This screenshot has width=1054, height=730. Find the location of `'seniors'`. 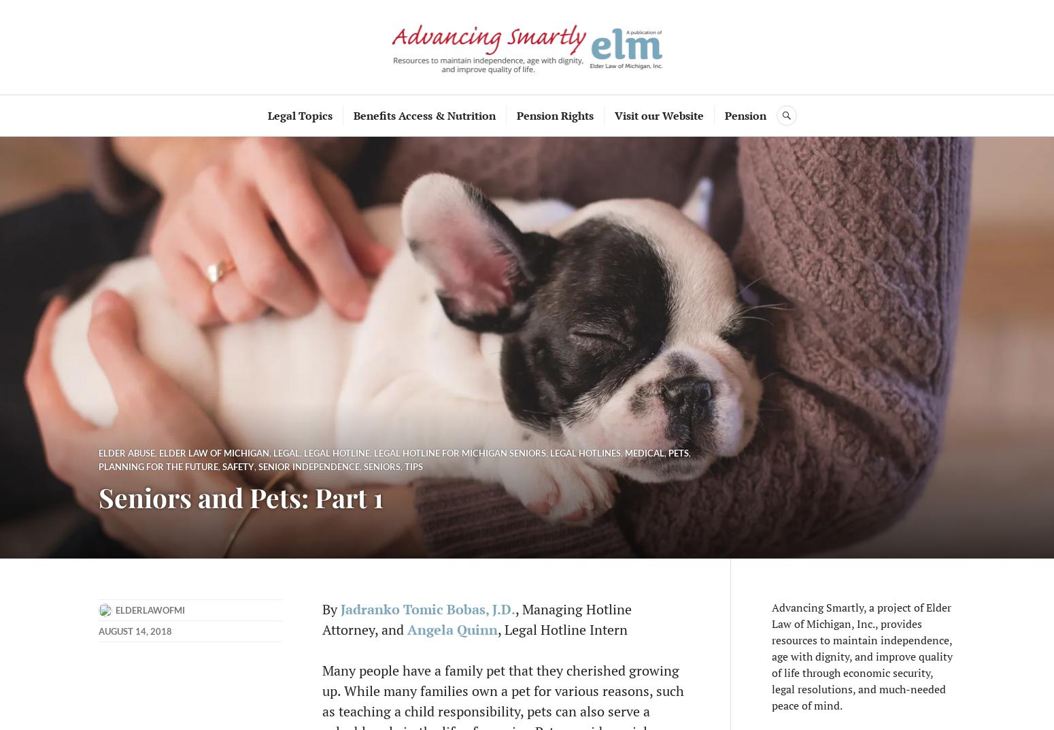

'seniors' is located at coordinates (382, 466).